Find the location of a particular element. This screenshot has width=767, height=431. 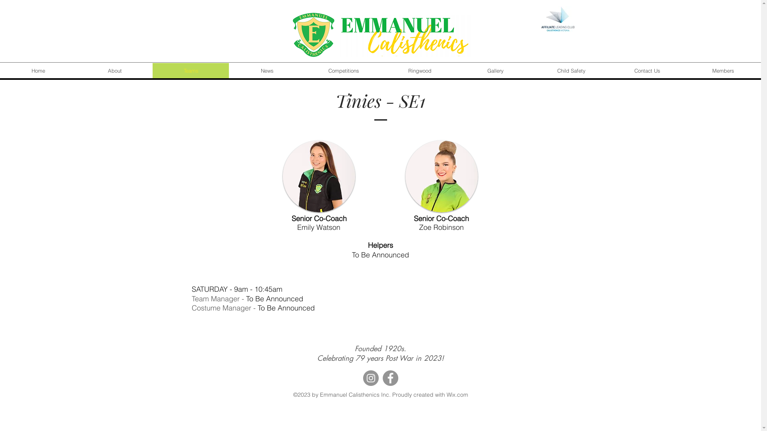

'About' is located at coordinates (114, 70).